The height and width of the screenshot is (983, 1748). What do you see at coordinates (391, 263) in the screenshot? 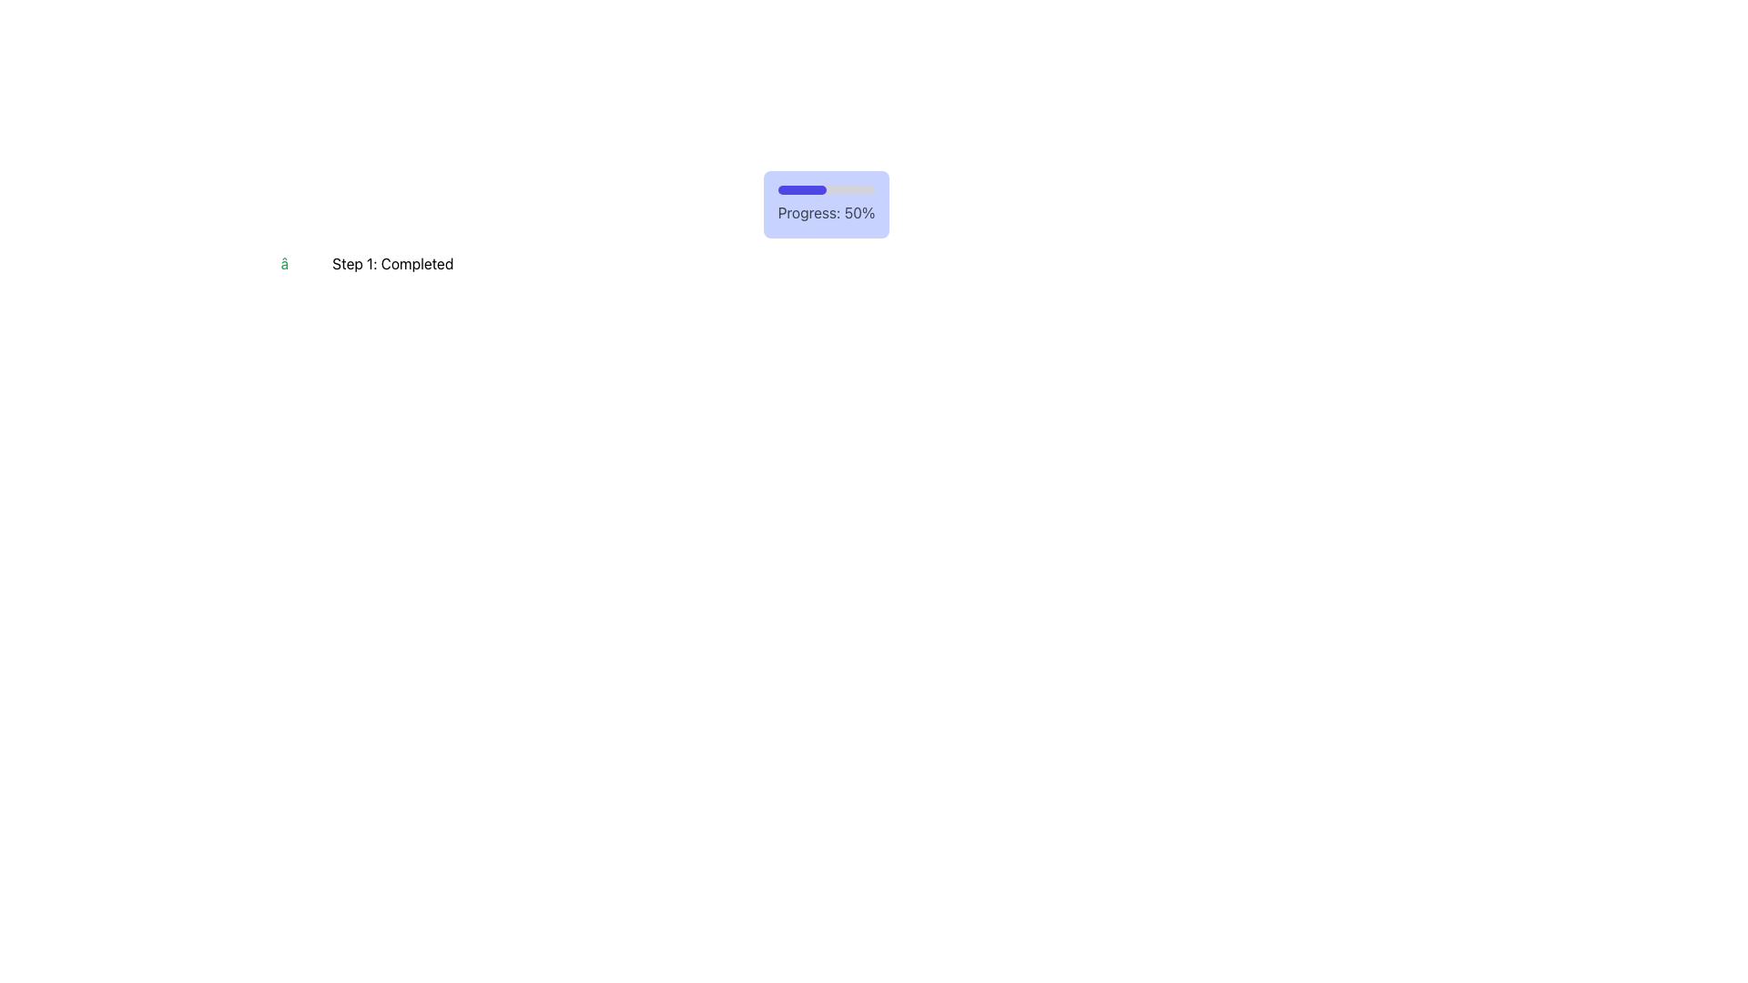
I see `text label that indicates the status of the step in the process, specifically the label displaying 'Step 1: Completed'` at bounding box center [391, 263].